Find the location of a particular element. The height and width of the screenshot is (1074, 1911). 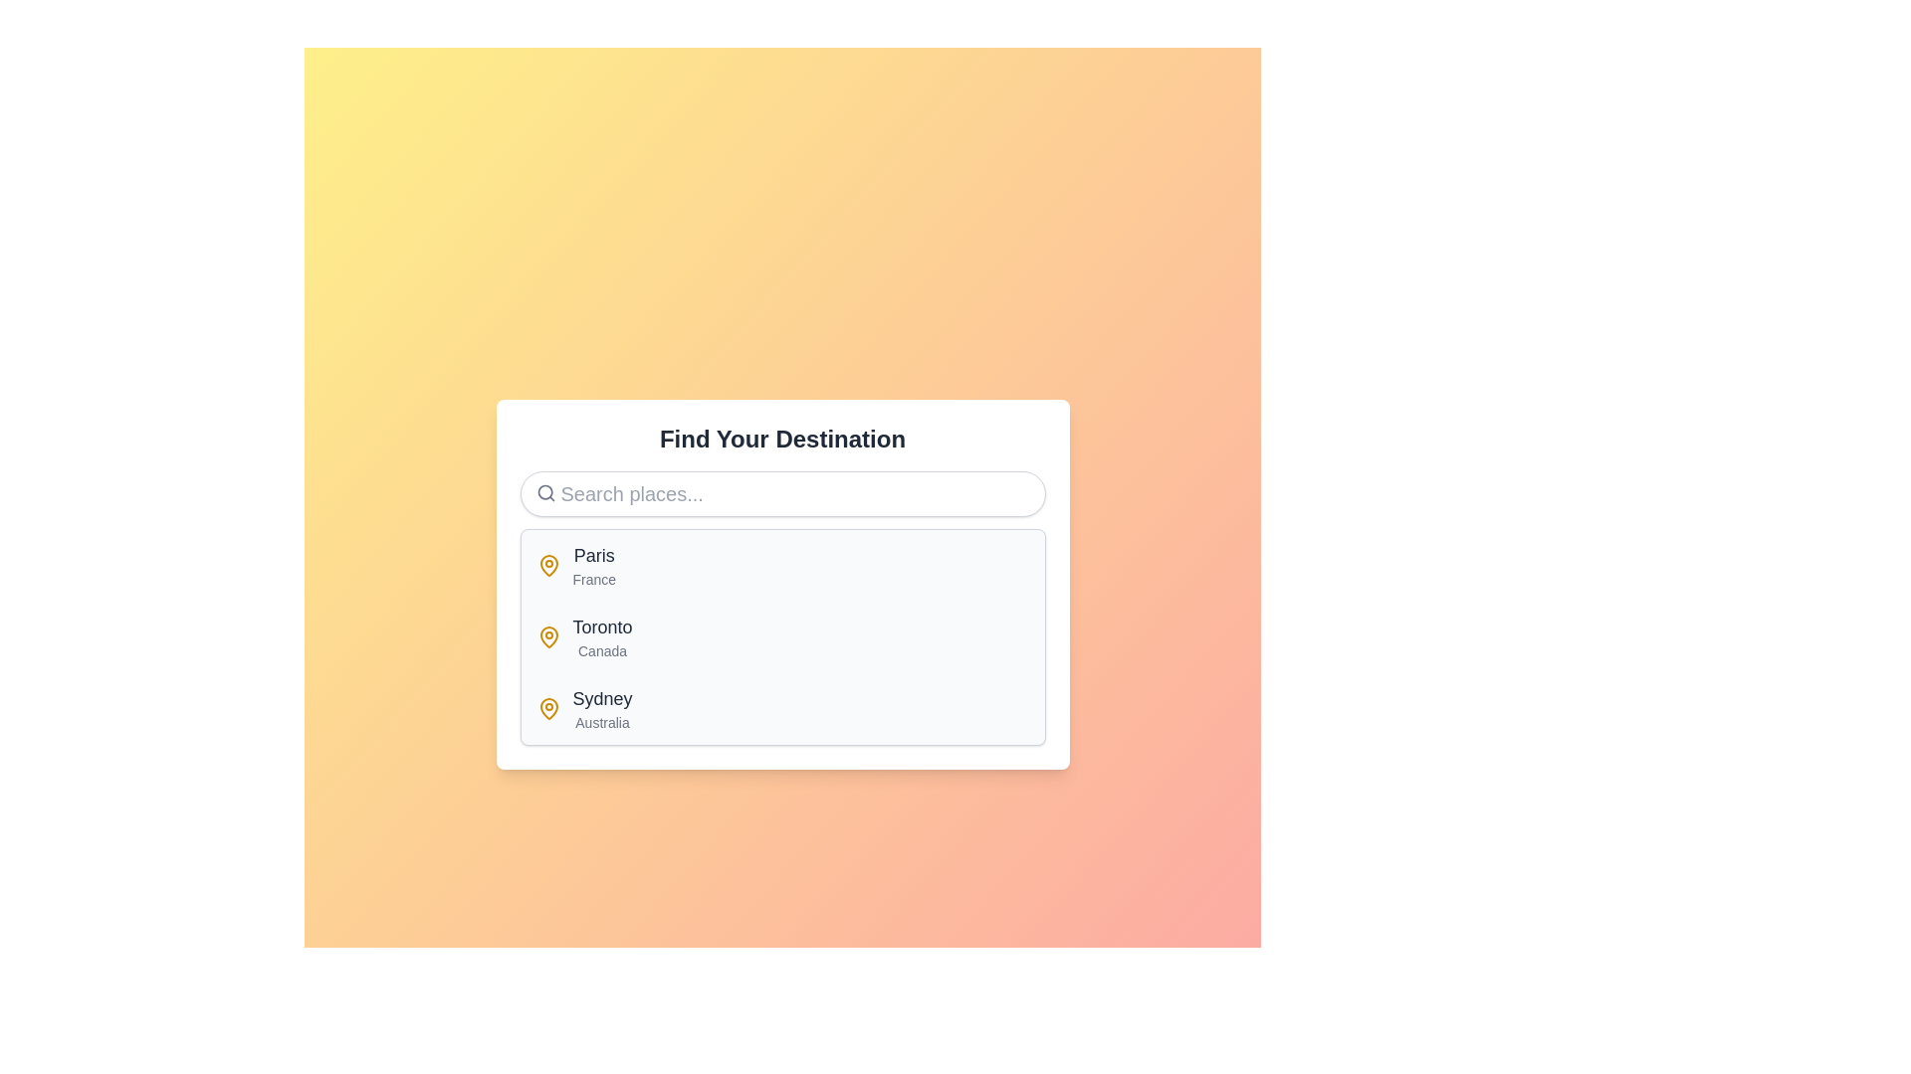

the text label that displays 'France', which is styled in light gray and located below the bold 'Paris' text is located at coordinates (593, 579).